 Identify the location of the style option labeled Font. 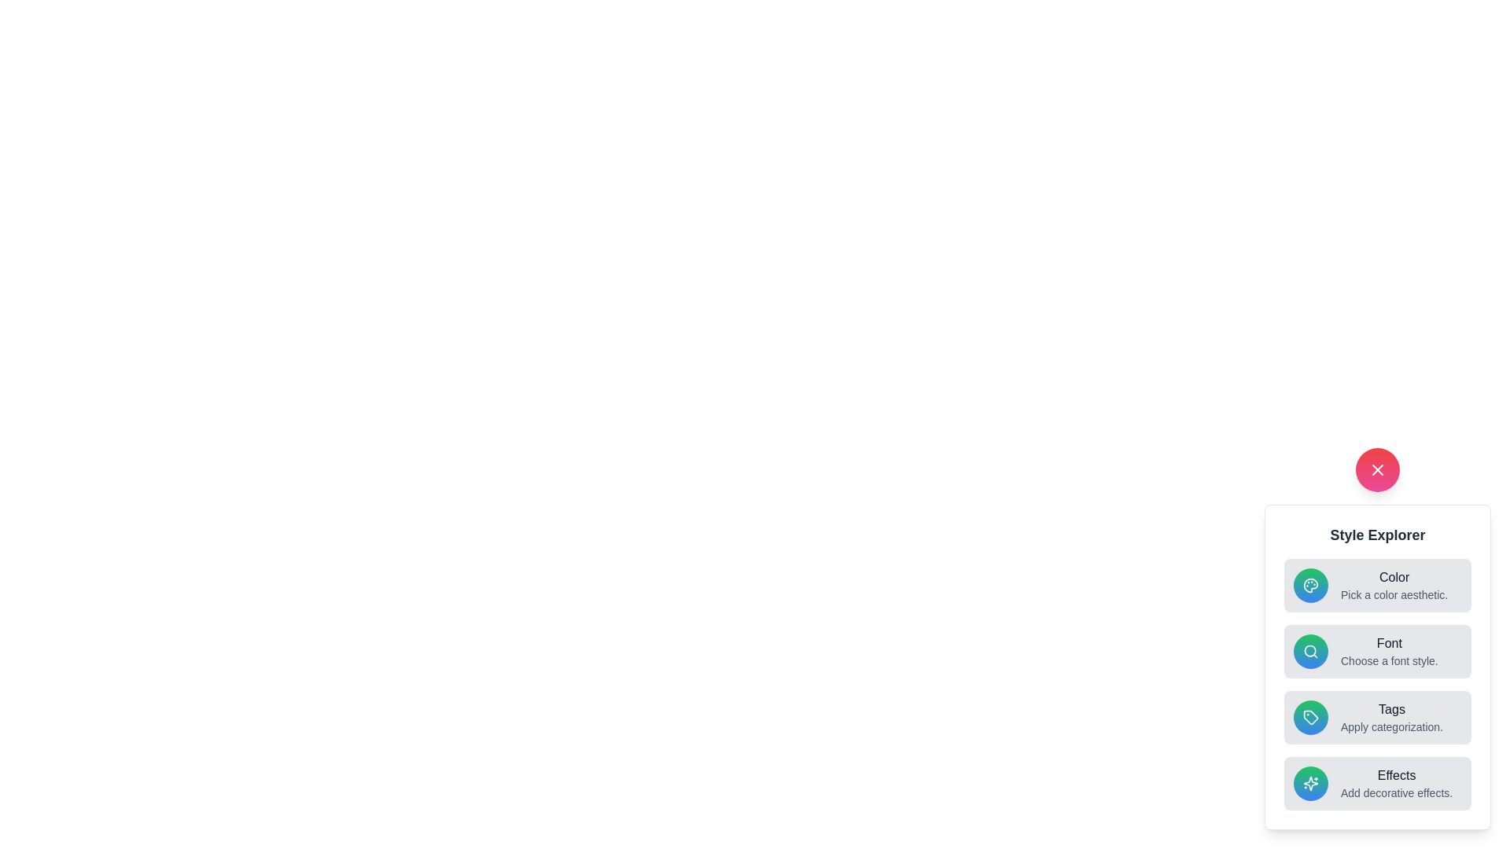
(1377, 652).